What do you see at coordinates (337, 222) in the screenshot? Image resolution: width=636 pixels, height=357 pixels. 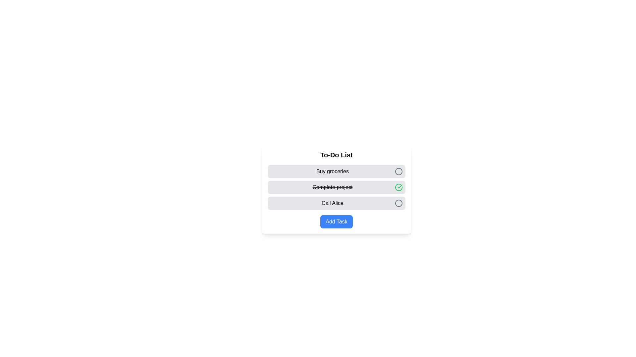 I see `the 'Add Task' button, which has a blue background and white text` at bounding box center [337, 222].